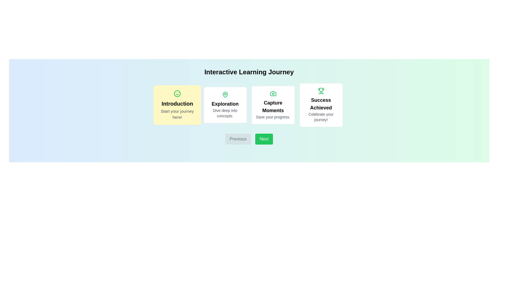  Describe the element at coordinates (225, 105) in the screenshot. I see `the card corresponding to the journey step Exploration` at that location.